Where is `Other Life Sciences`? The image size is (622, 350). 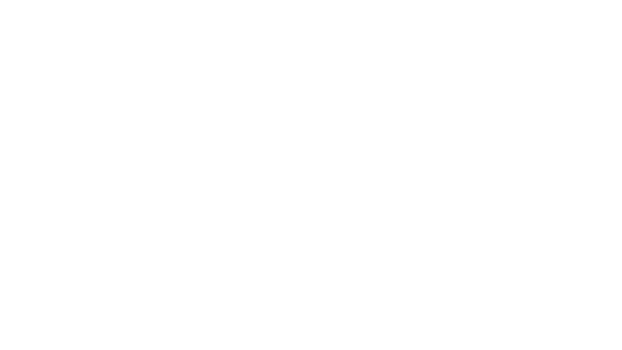
Other Life Sciences is located at coordinates (290, 330).